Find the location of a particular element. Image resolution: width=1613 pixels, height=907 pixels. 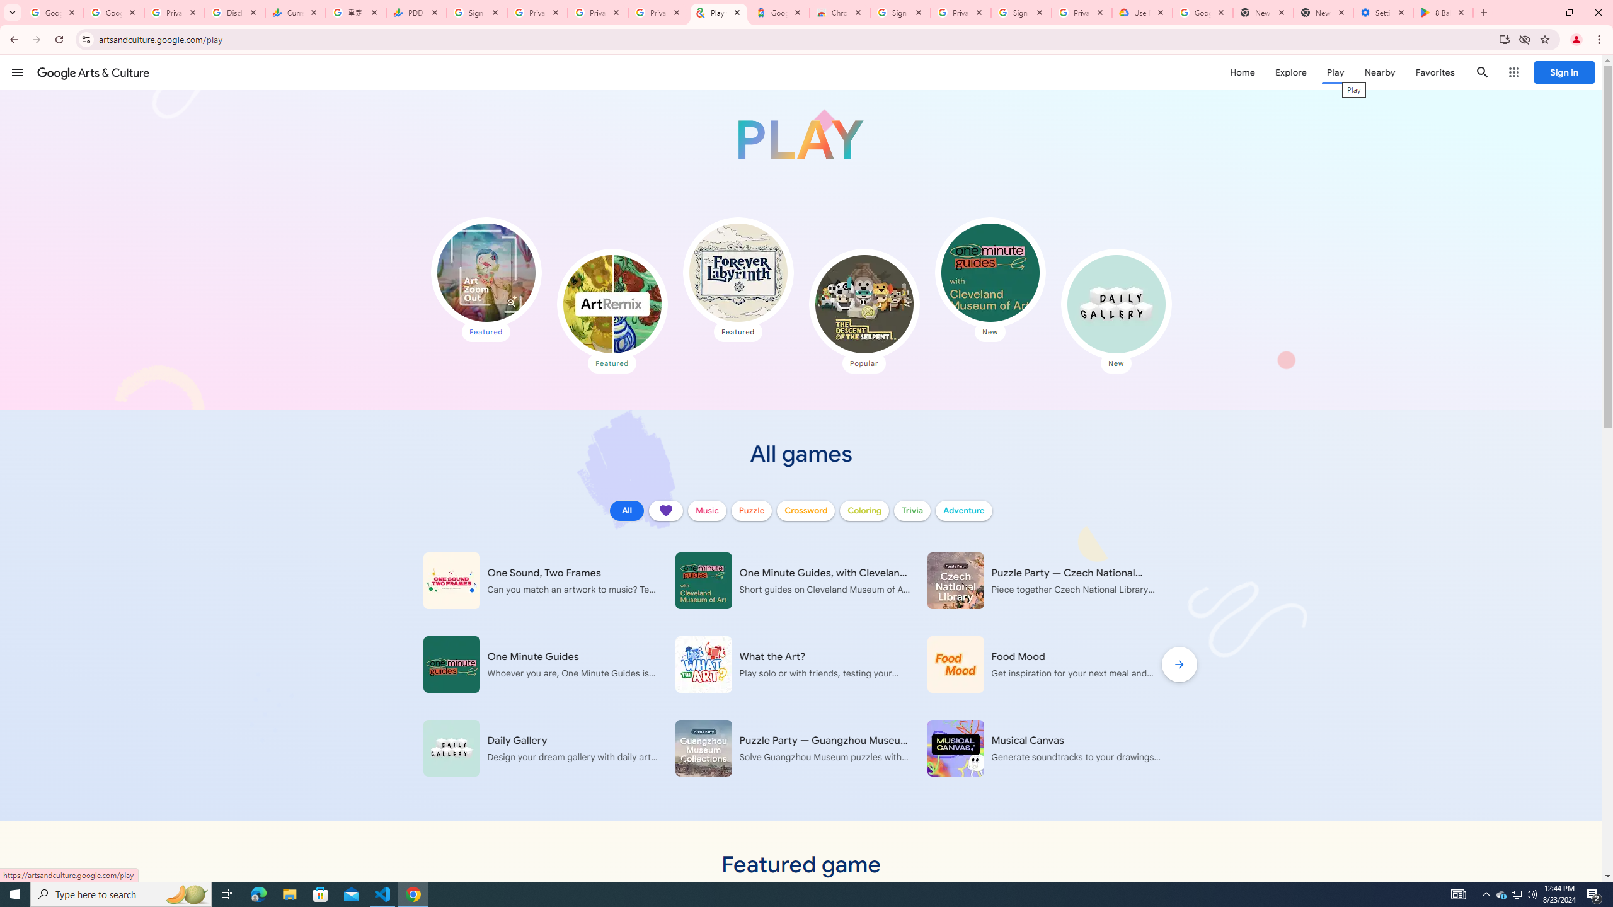

'Sign in - Google Accounts' is located at coordinates (899, 12).